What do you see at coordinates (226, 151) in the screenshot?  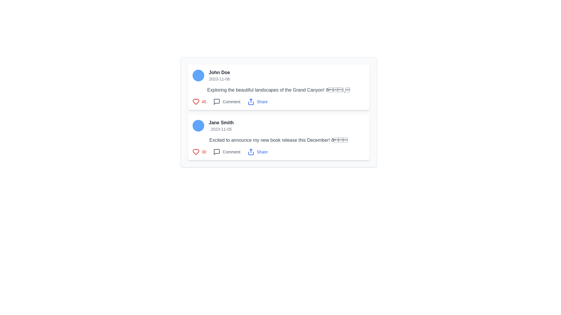 I see `the button with an icon and text description` at bounding box center [226, 151].